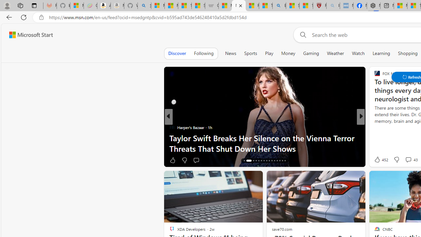 This screenshot has width=421, height=237. I want to click on 'INSIDER', so click(374, 127).